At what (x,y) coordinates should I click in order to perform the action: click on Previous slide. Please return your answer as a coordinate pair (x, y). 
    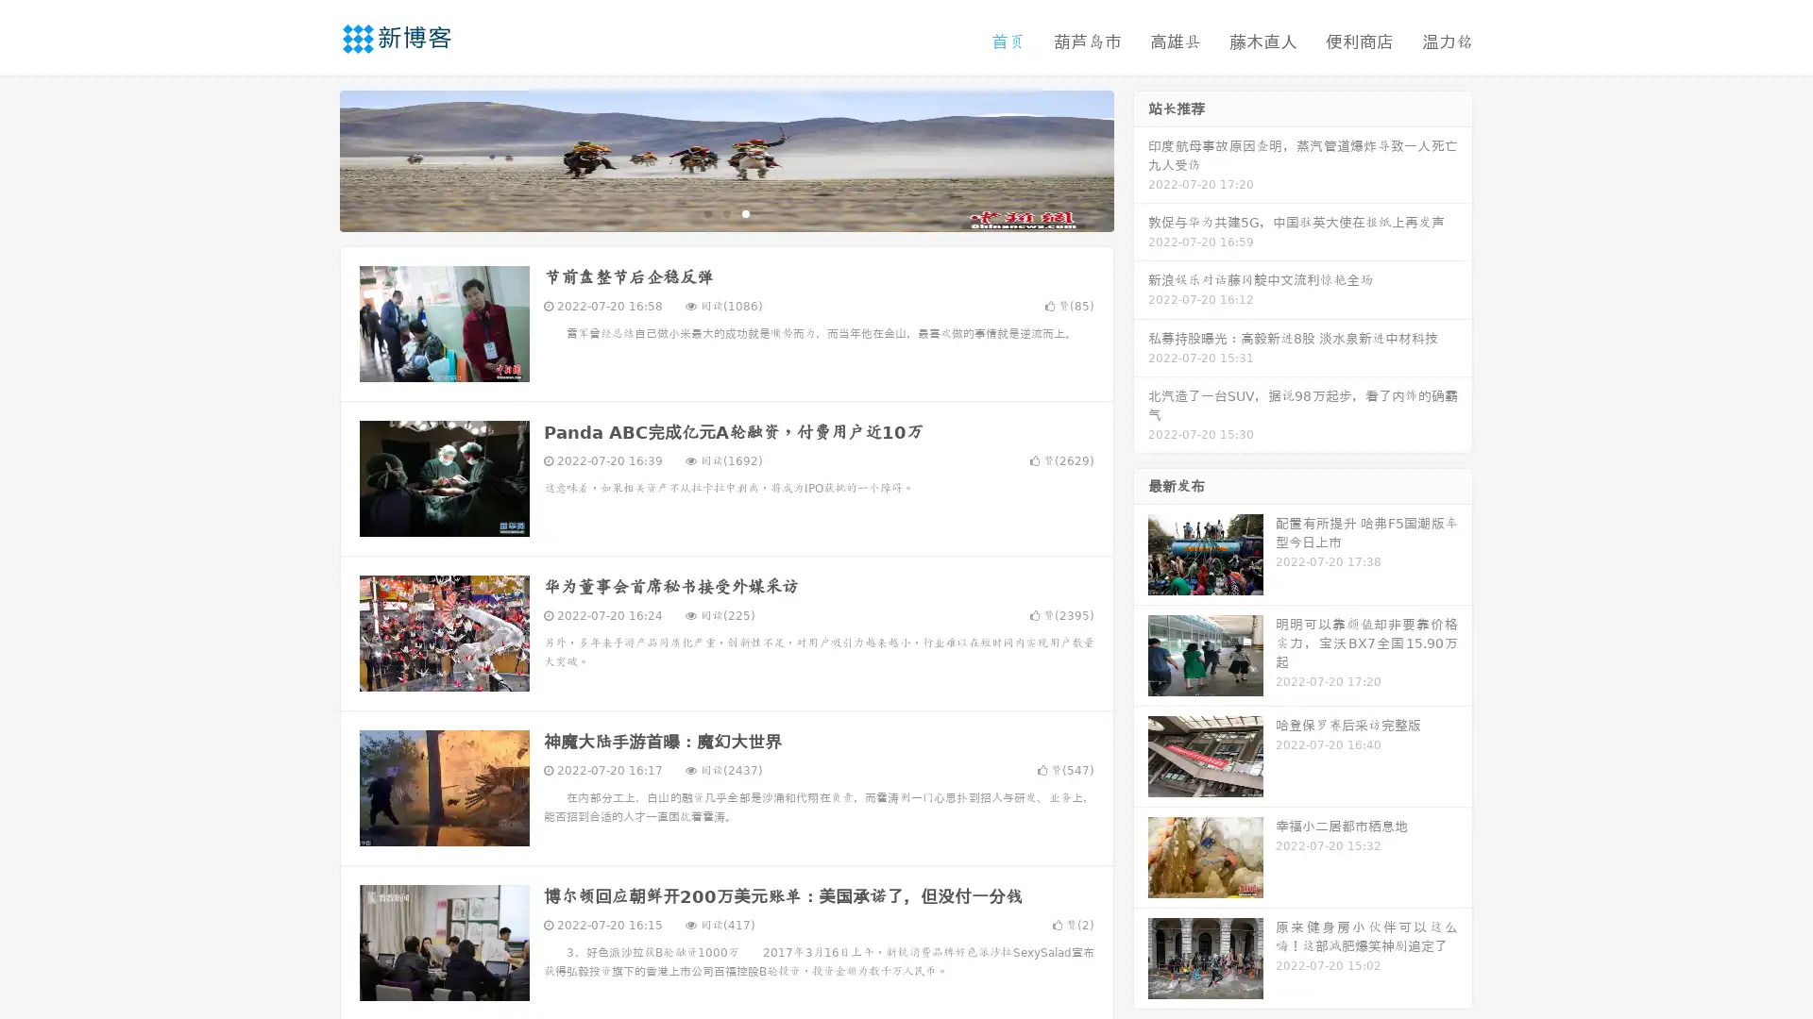
    Looking at the image, I should click on (312, 159).